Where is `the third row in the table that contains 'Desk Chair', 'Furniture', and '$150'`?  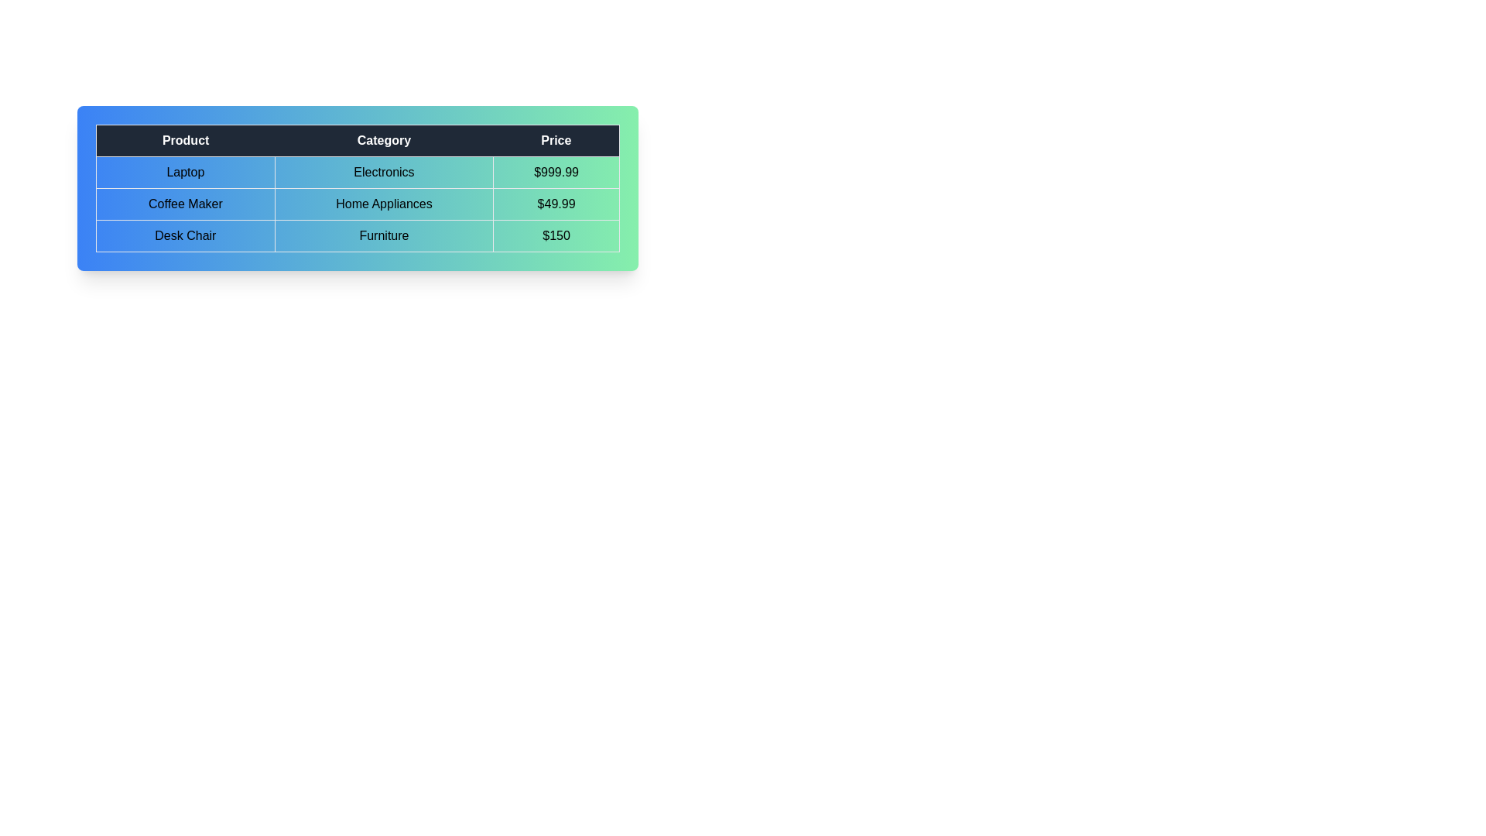 the third row in the table that contains 'Desk Chair', 'Furniture', and '$150' is located at coordinates (357, 235).